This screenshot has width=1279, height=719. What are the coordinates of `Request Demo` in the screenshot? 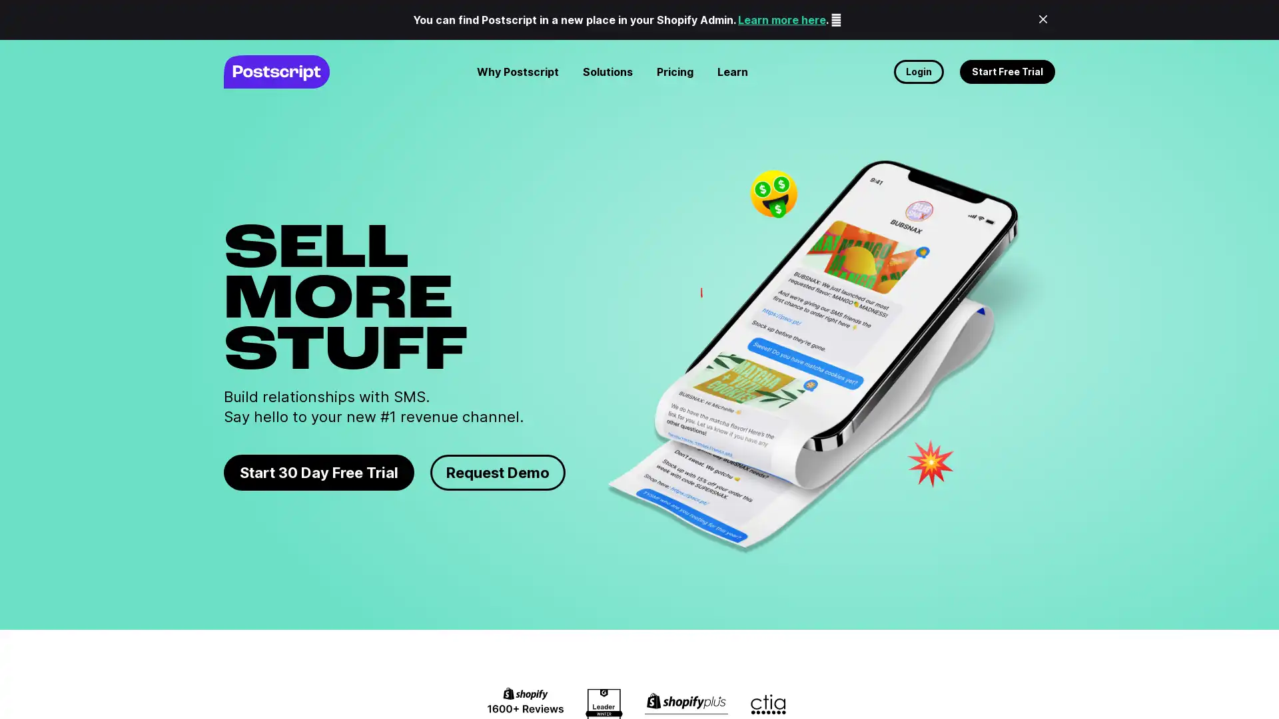 It's located at (497, 471).